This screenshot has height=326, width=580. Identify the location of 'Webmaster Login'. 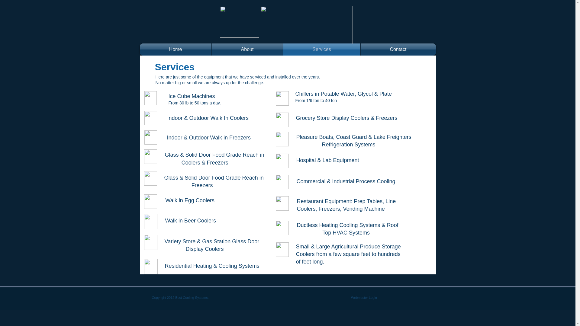
(363, 298).